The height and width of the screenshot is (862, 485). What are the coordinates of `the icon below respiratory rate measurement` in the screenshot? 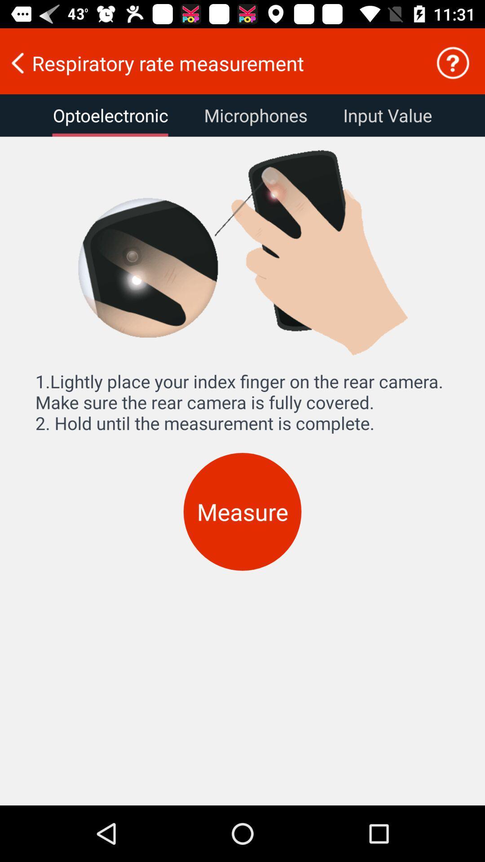 It's located at (110, 115).